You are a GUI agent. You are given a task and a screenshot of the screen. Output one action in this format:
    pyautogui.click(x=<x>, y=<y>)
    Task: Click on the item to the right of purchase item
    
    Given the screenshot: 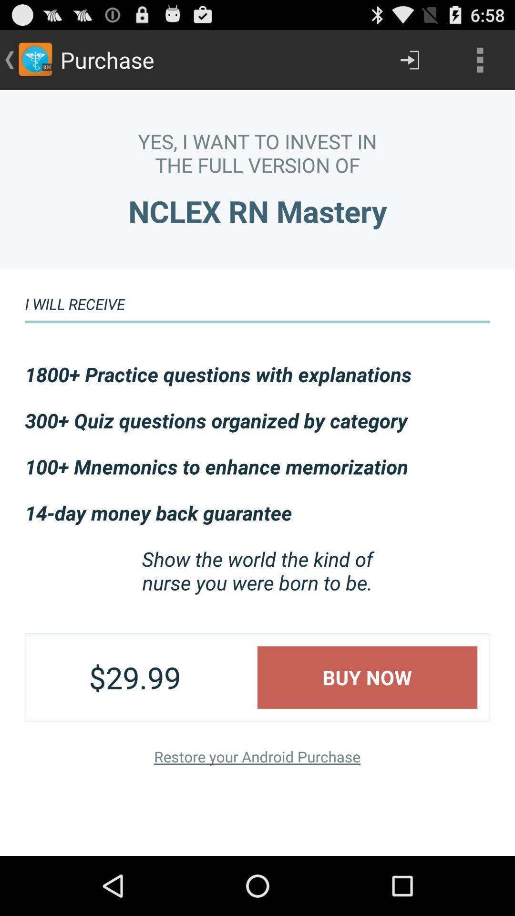 What is the action you would take?
    pyautogui.click(x=409, y=59)
    